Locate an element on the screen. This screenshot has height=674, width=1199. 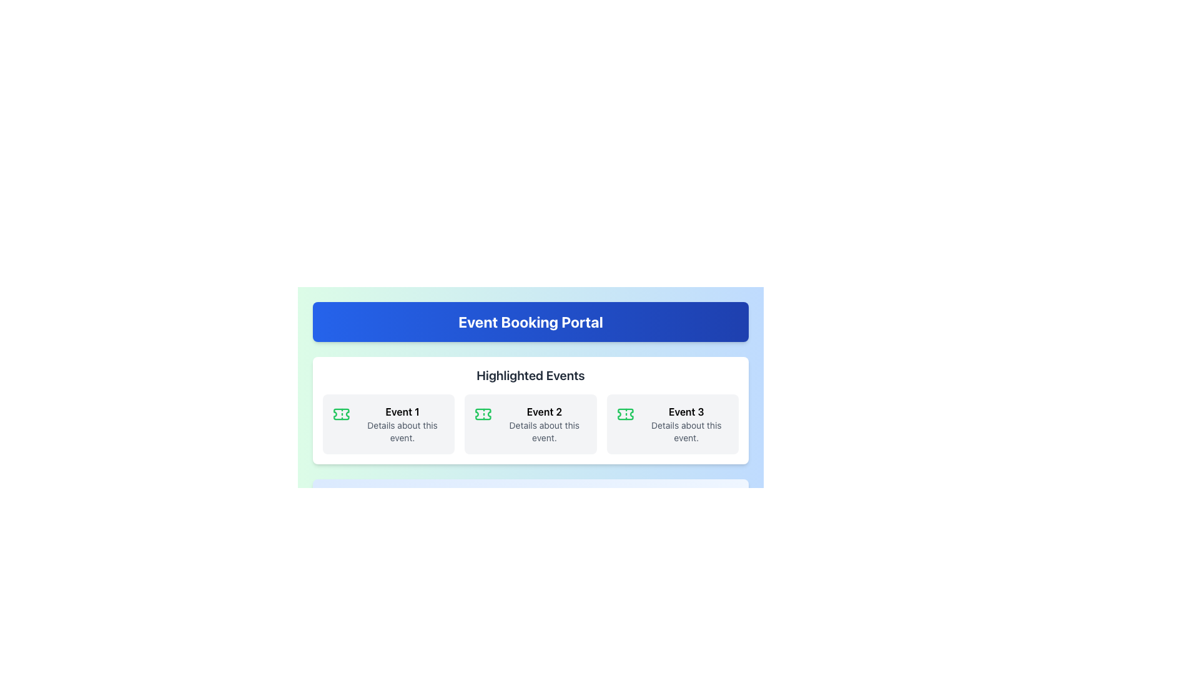
the green SVG ticket icon located next to the text 'Event 3Details about this event.' within the third event card of the 'Highlighted Events' section is located at coordinates (625, 414).